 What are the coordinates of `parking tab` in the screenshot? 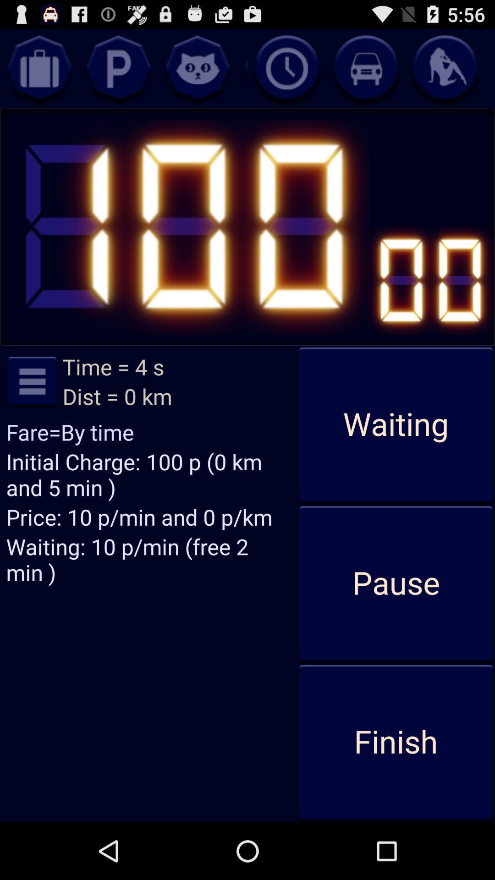 It's located at (118, 68).